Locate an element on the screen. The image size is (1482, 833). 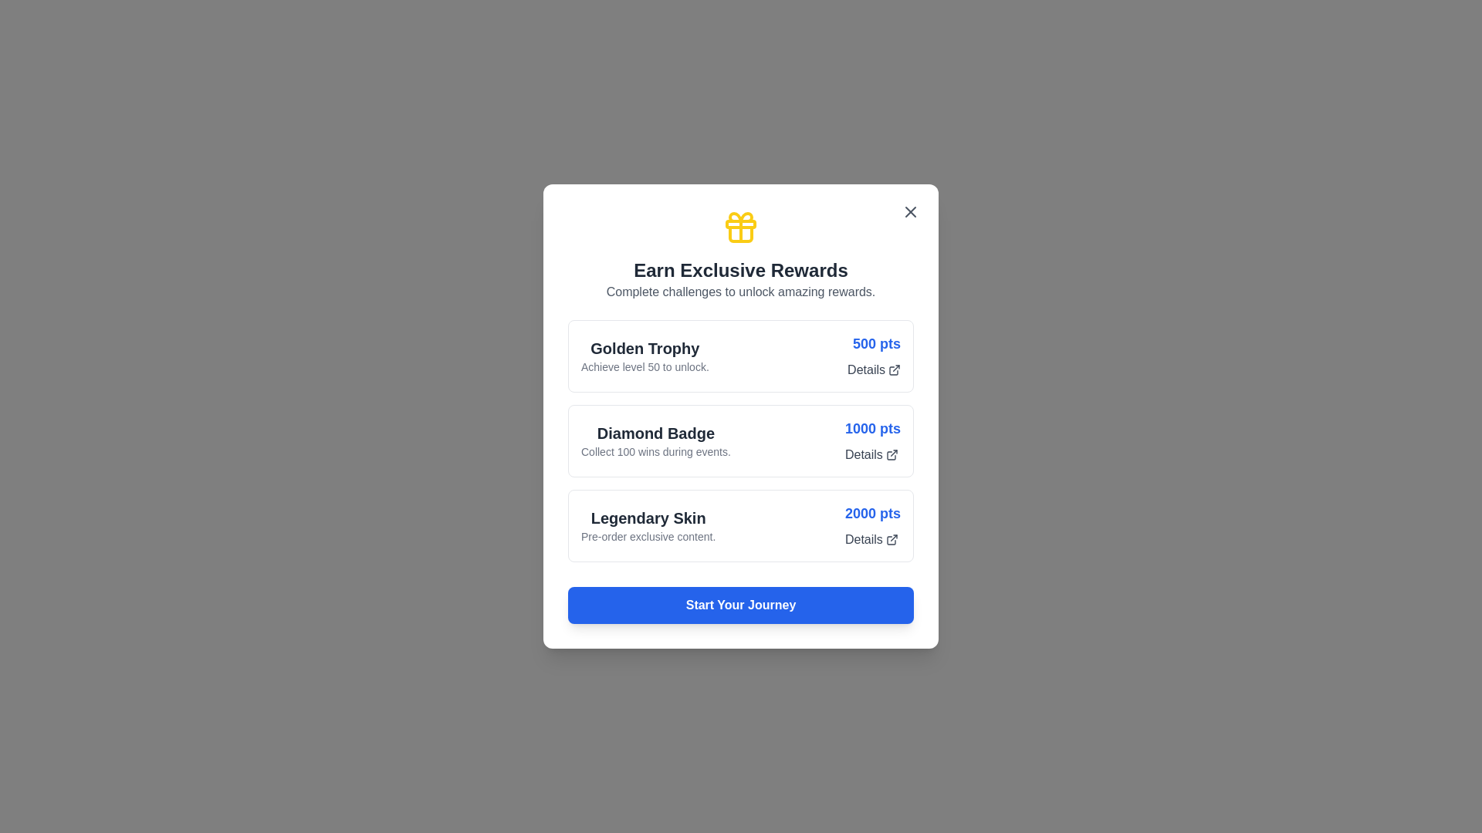
static text block that describes the reward 'Legendary Skin' and its conditions, which is located below the 'Golden Trophy' and 'Diamond Badge' in the third reward item of the list is located at coordinates (648, 525).